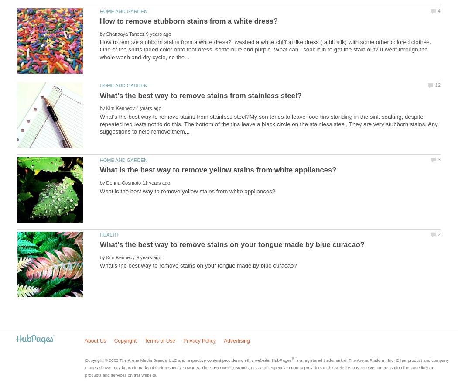 This screenshot has width=458, height=381. What do you see at coordinates (124, 340) in the screenshot?
I see `'Copyright'` at bounding box center [124, 340].